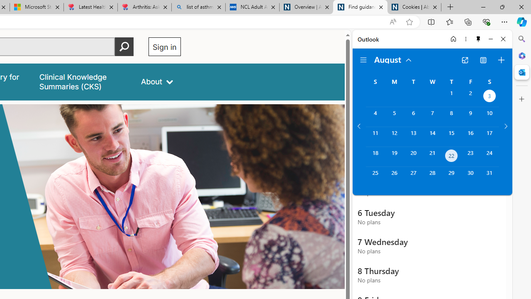  Describe the element at coordinates (470, 176) in the screenshot. I see `'Friday, August 30, 2024. '` at that location.